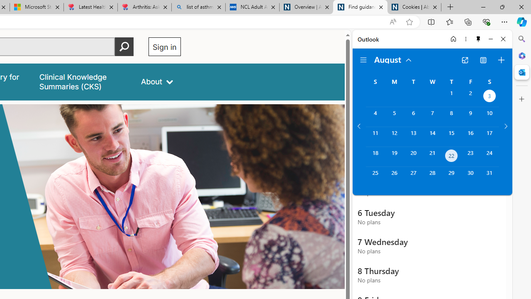  Describe the element at coordinates (470, 176) in the screenshot. I see `'Friday, August 30, 2024. '` at that location.